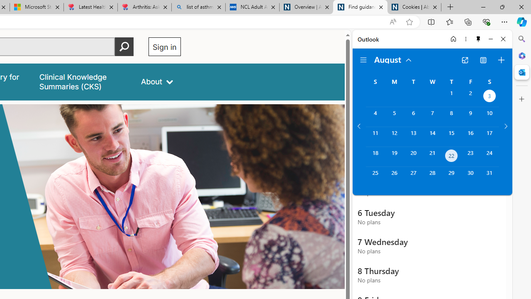  Describe the element at coordinates (470, 176) in the screenshot. I see `'Friday, August 30, 2024. '` at that location.